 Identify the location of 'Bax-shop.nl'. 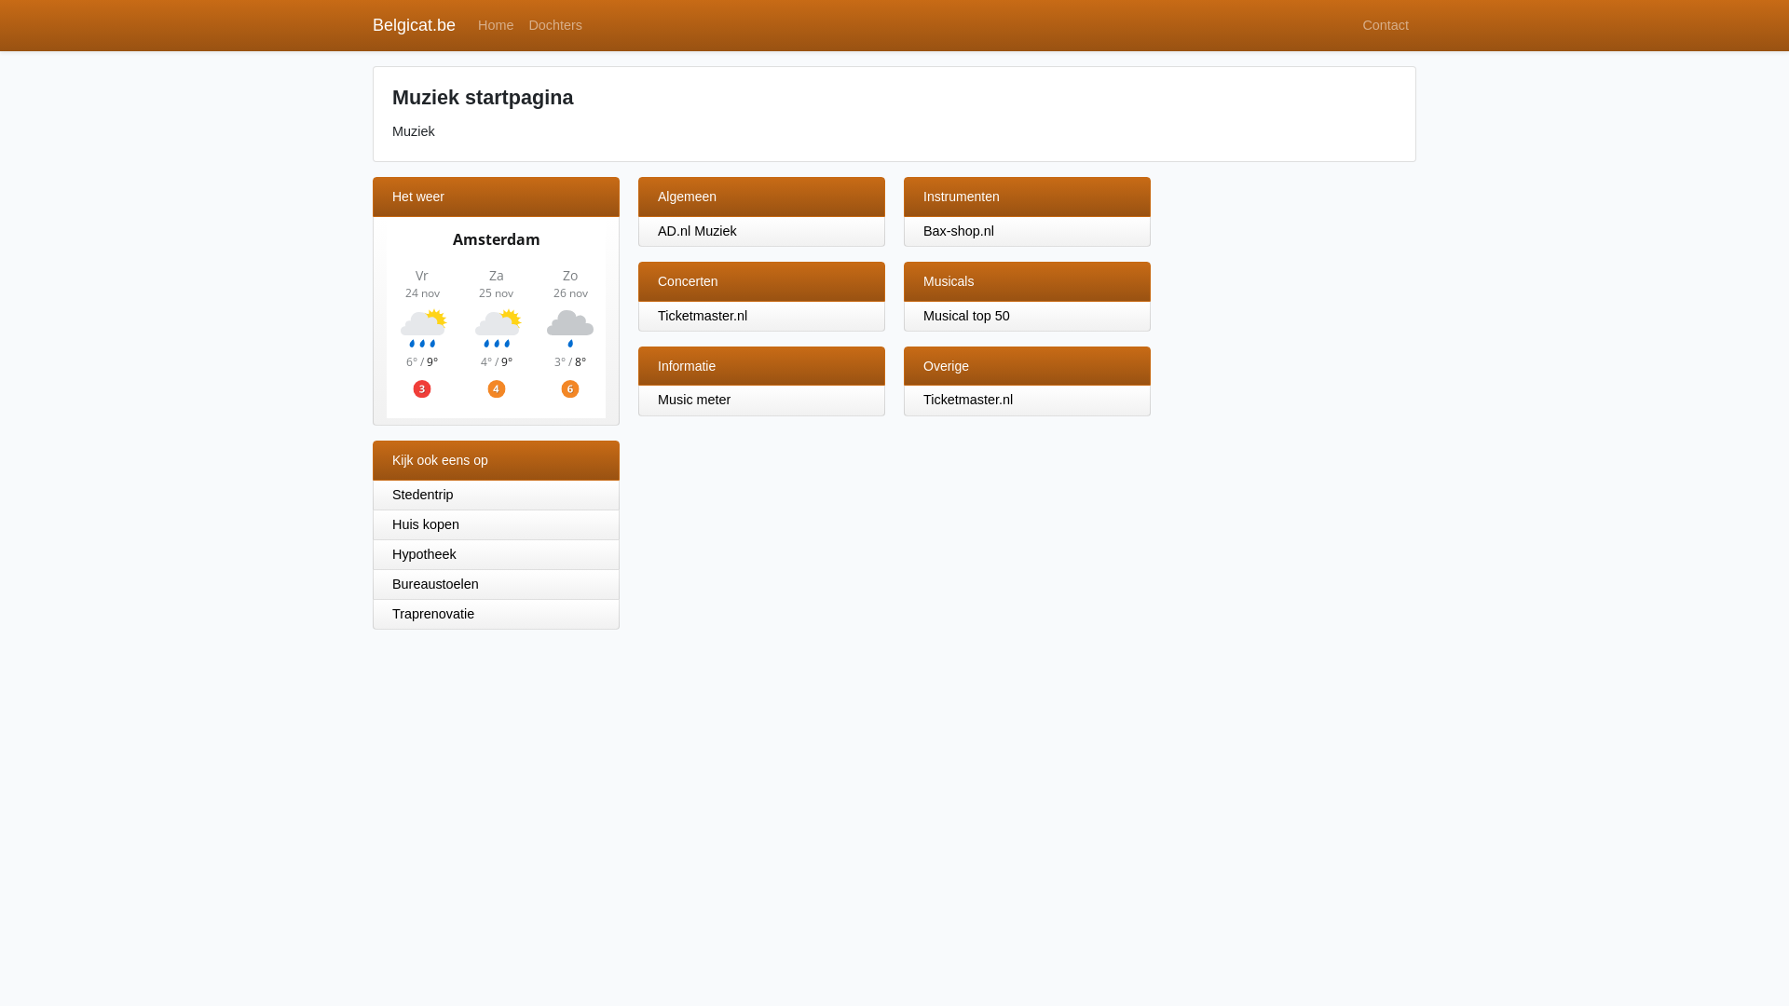
(958, 229).